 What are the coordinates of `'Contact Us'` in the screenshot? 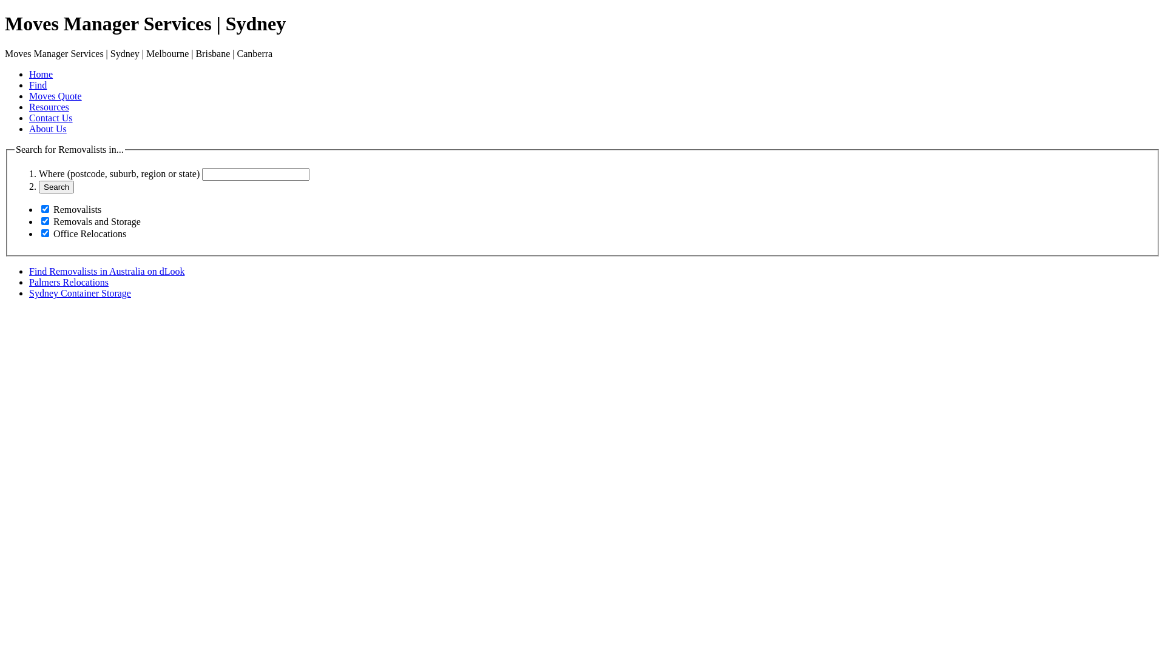 It's located at (50, 118).